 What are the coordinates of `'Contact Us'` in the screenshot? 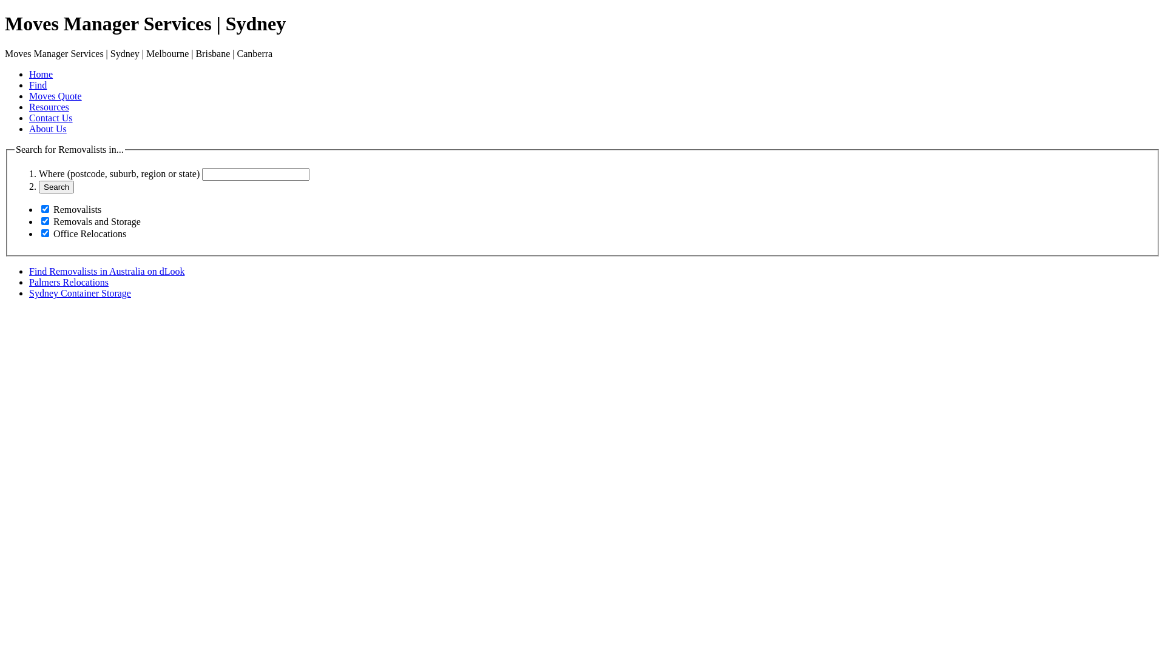 It's located at (50, 118).